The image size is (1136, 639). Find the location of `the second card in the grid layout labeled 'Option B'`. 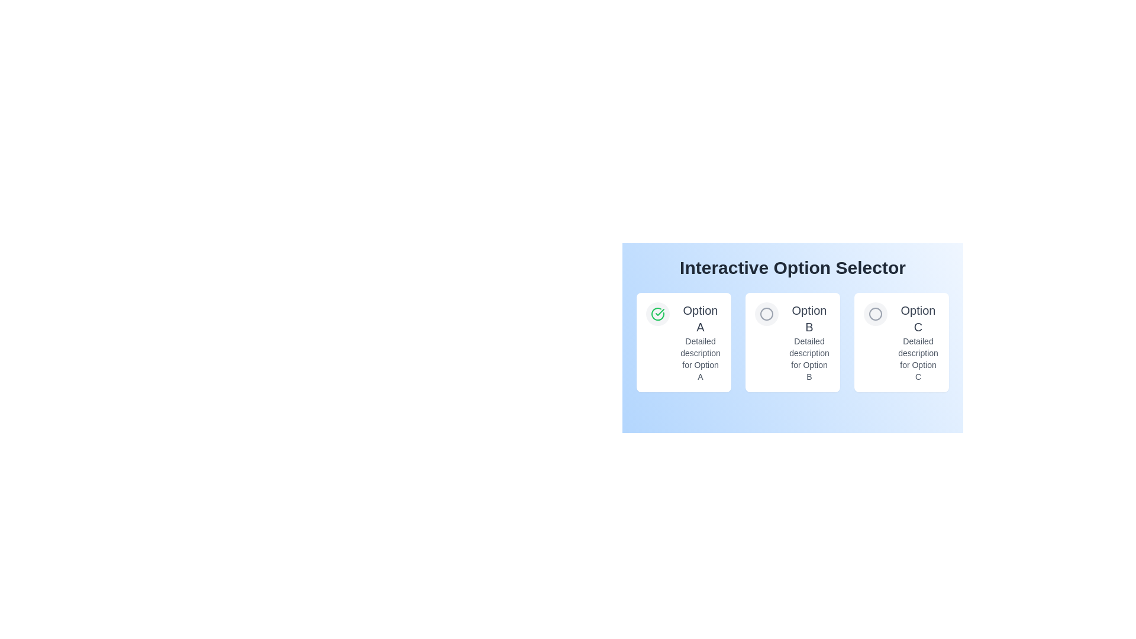

the second card in the grid layout labeled 'Option B' is located at coordinates (792, 342).